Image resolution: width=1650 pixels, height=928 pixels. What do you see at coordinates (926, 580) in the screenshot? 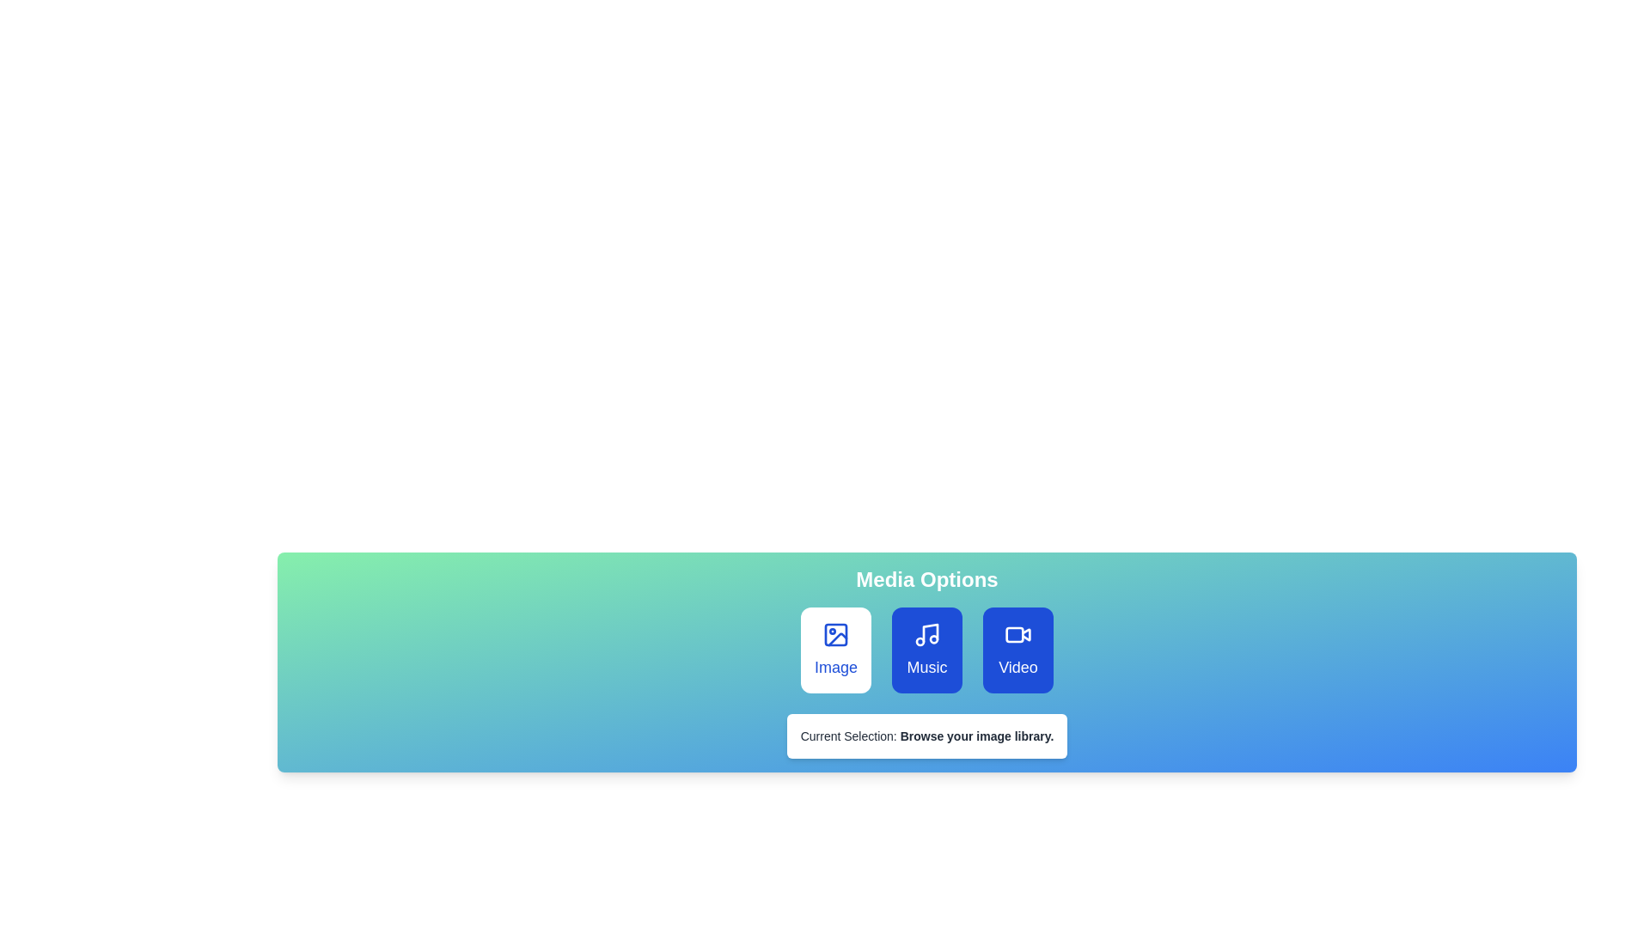
I see `the header text element that indicates the purpose of the section for selecting media types` at bounding box center [926, 580].